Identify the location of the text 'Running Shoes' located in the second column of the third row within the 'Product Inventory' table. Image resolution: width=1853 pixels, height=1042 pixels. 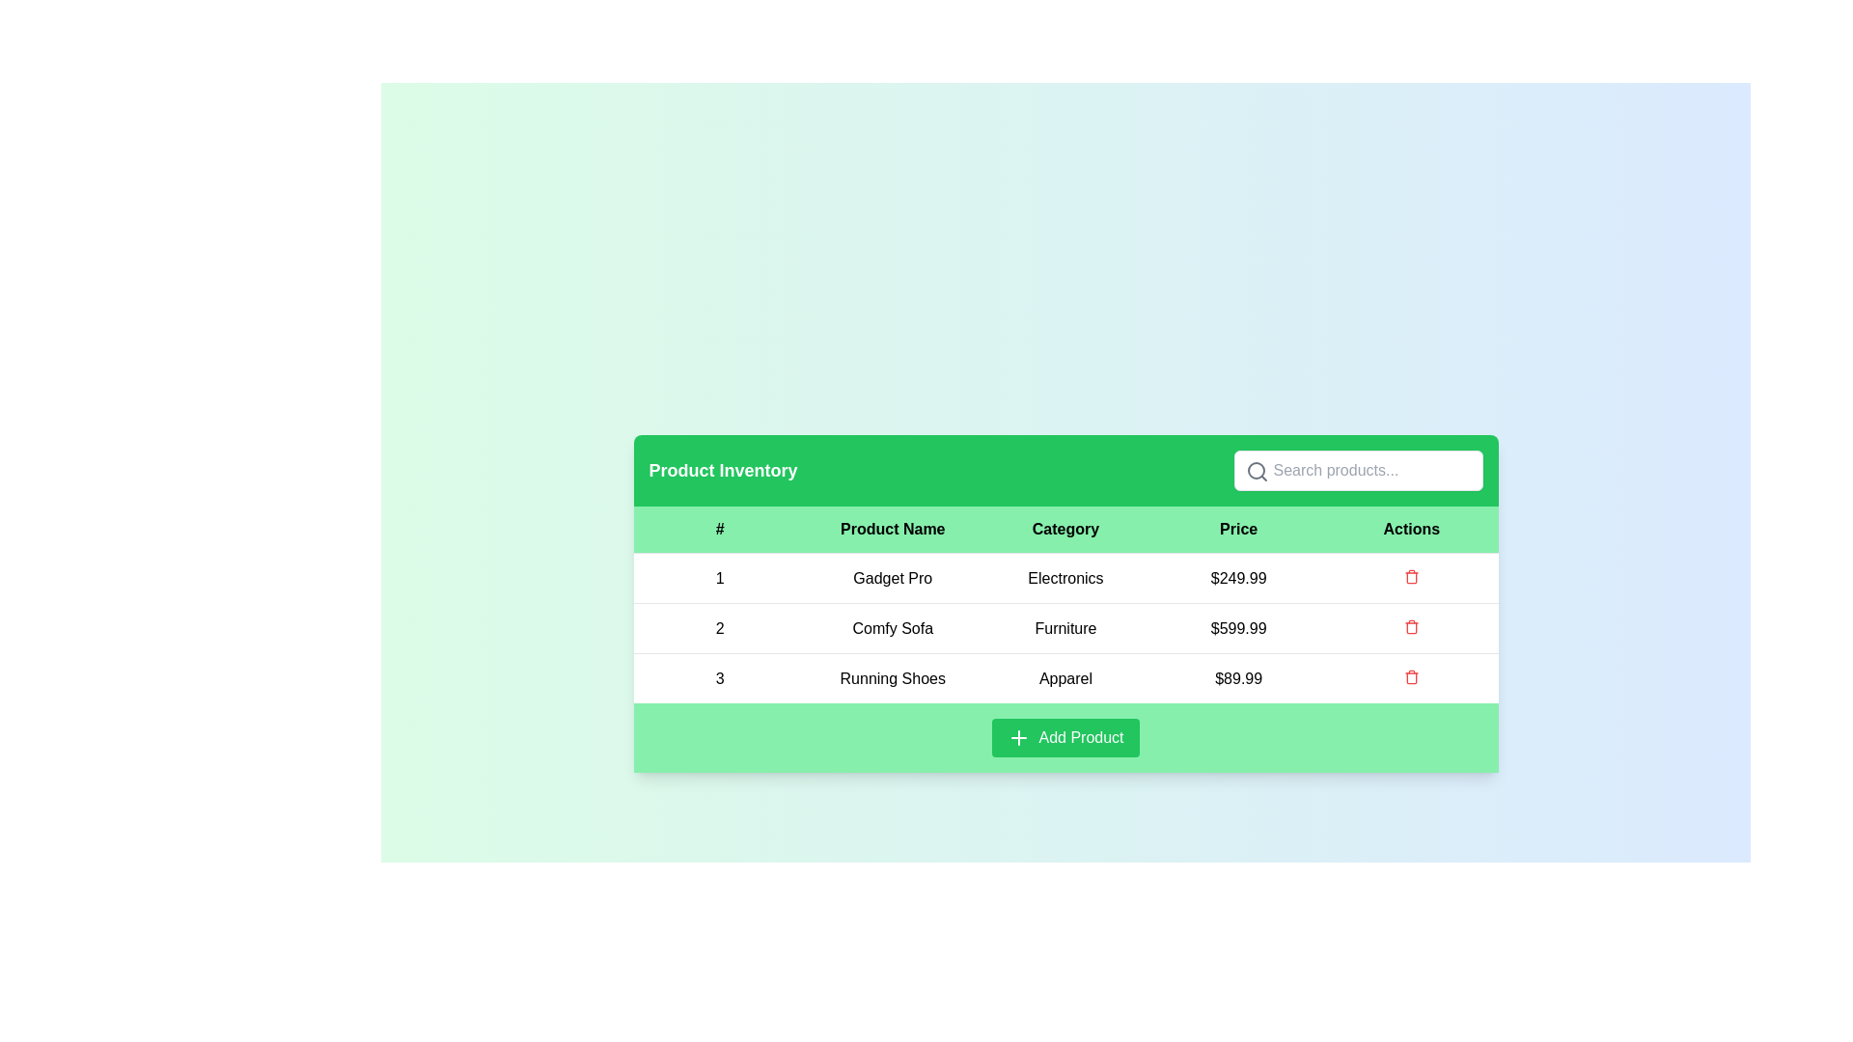
(892, 677).